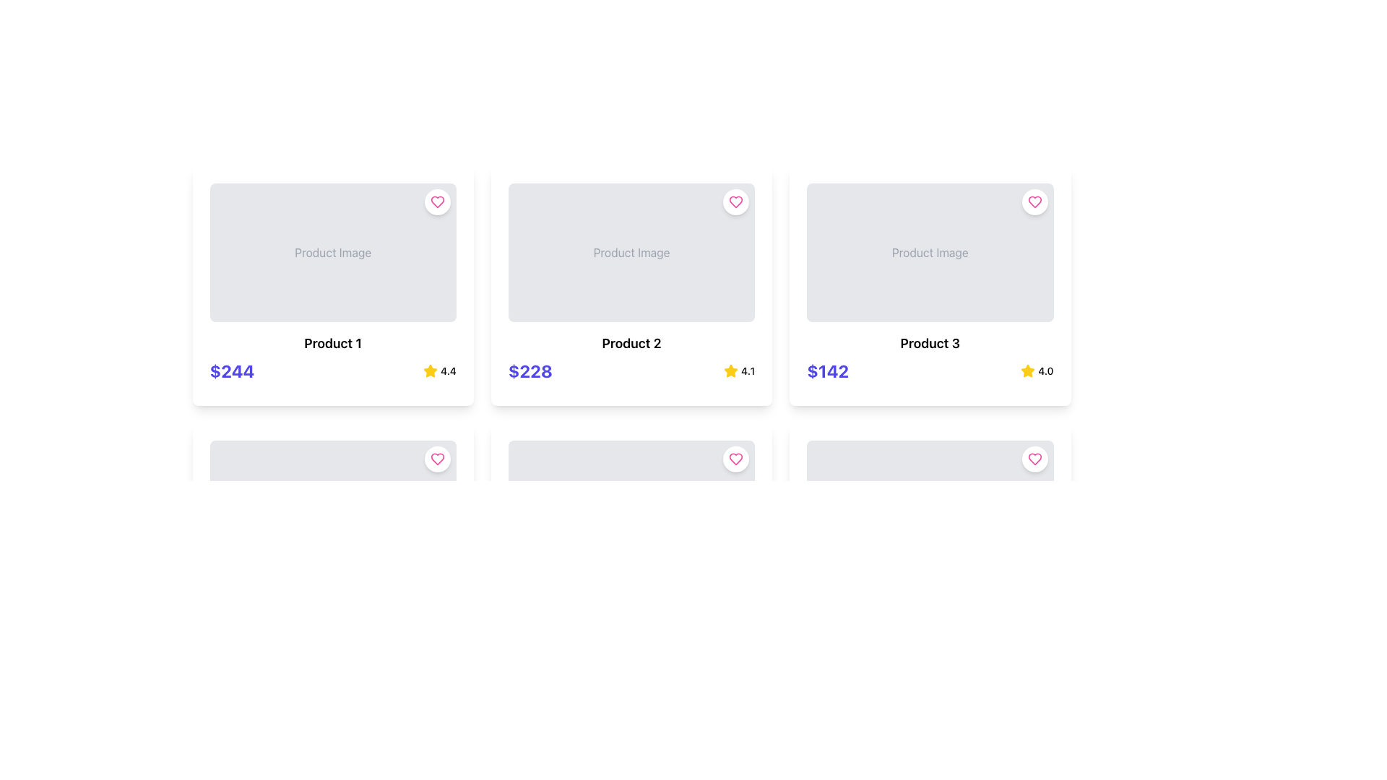 The width and height of the screenshot is (1387, 780). Describe the element at coordinates (736, 202) in the screenshot. I see `the favorite icon located in the top-right corner of the card for Product 2 to interact with the favorite feature` at that location.